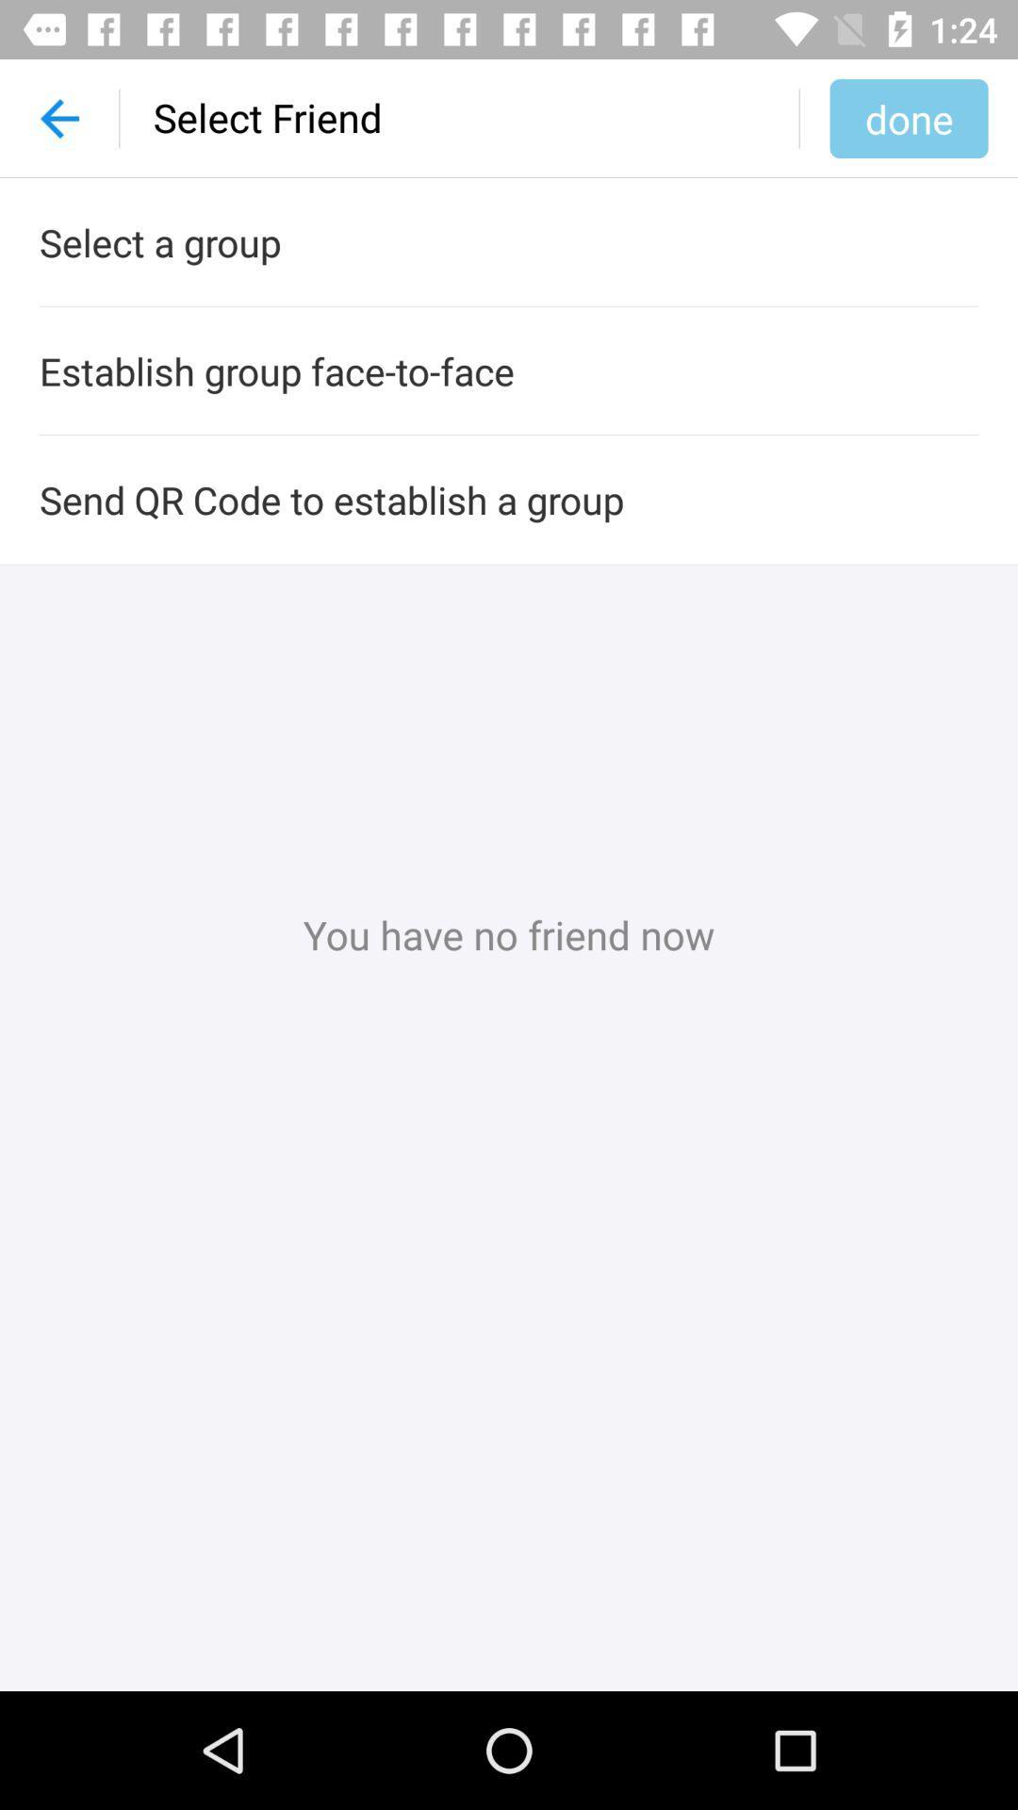 The image size is (1018, 1810). What do you see at coordinates (57, 117) in the screenshot?
I see `the item above select a group icon` at bounding box center [57, 117].